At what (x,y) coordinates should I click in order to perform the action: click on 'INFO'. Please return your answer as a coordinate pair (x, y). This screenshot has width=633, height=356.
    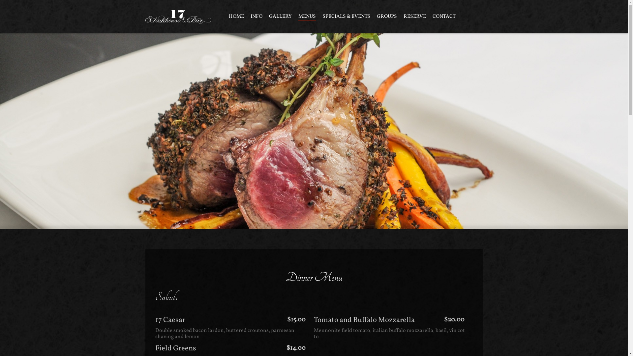
    Looking at the image, I should click on (250, 16).